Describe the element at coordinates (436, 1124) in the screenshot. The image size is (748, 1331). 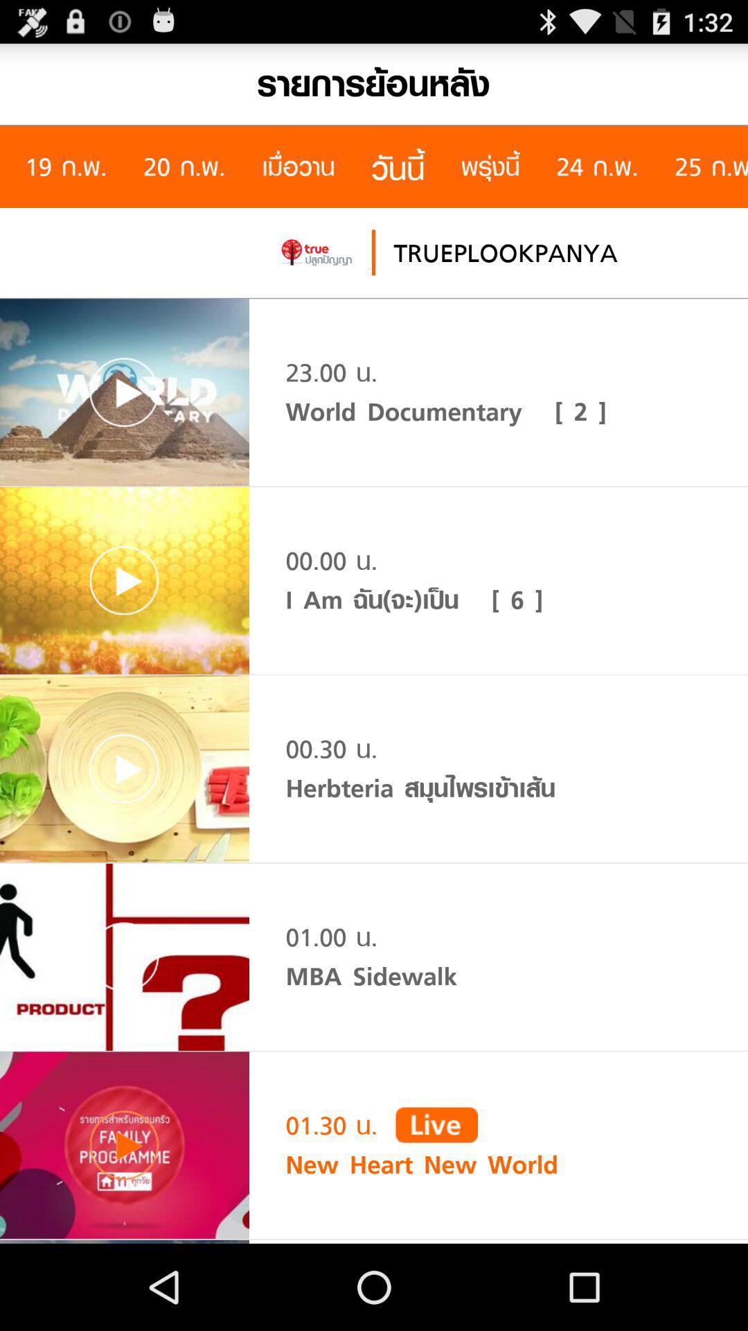
I see `icon above the new heart new item` at that location.